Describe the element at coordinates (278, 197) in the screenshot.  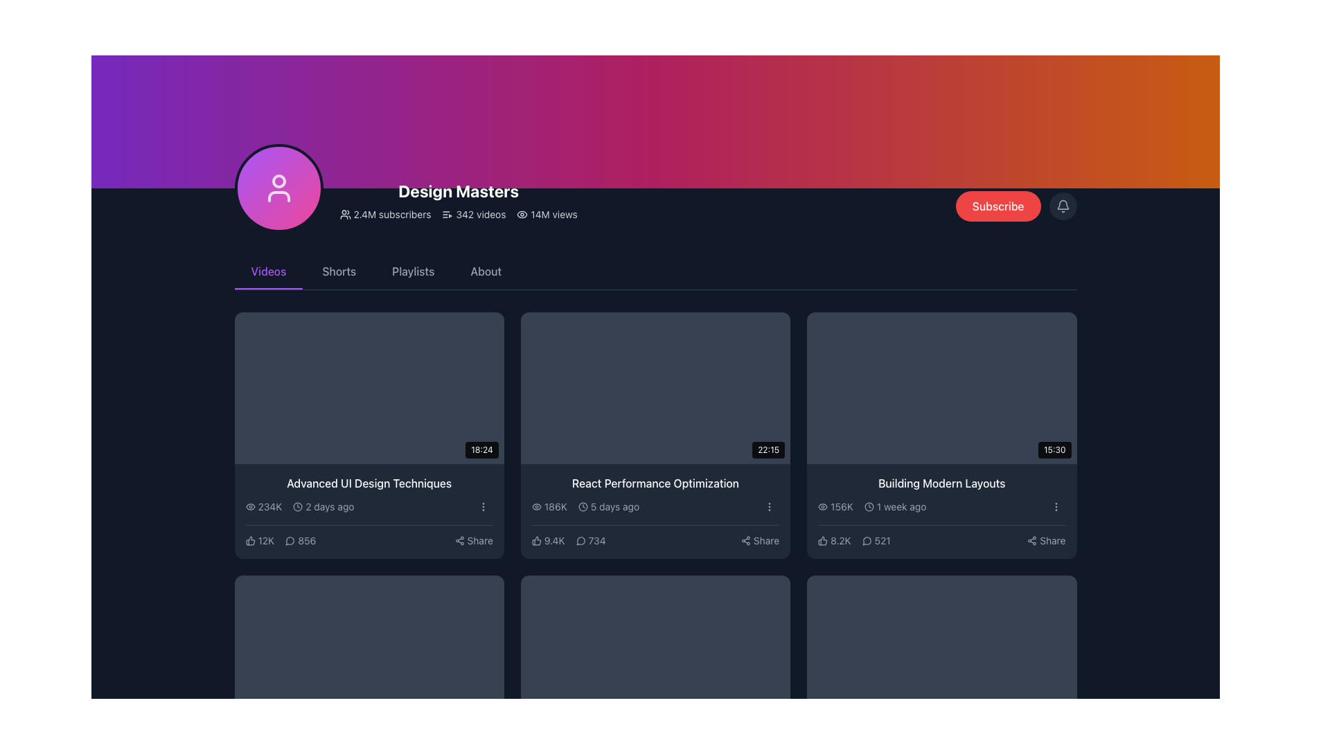
I see `the decorative graphical element that represents the body part of the user icon, located centrally below the user's head within the avatar graphic` at that location.